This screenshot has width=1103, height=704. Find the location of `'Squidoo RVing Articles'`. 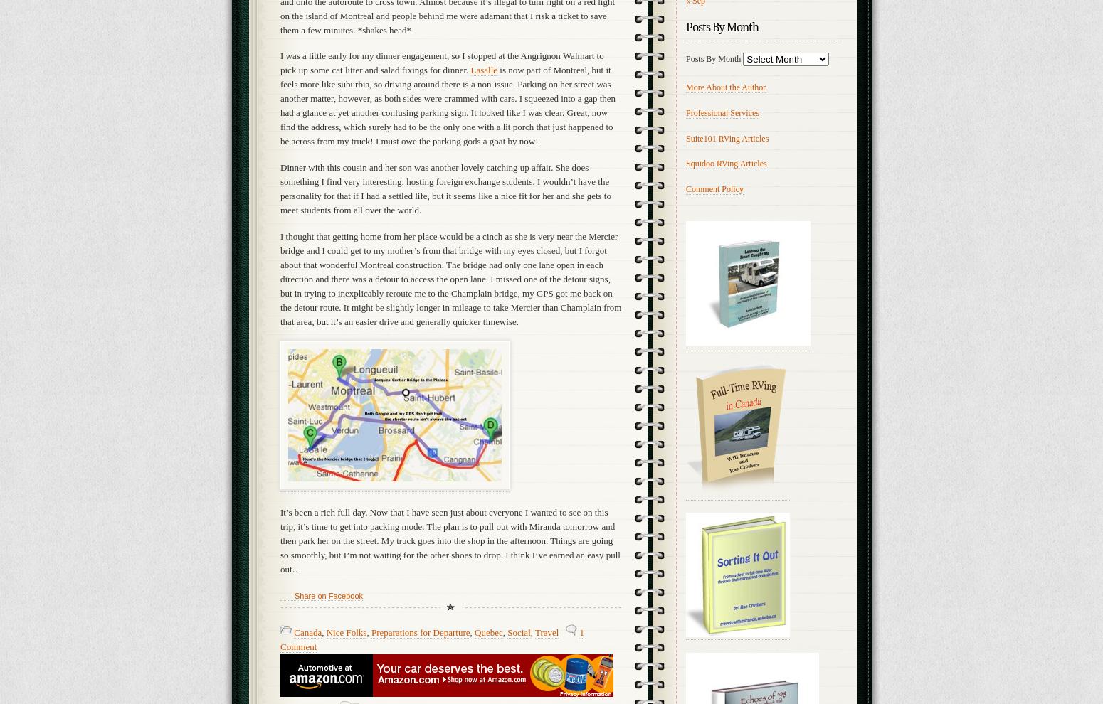

'Squidoo RVing Articles' is located at coordinates (726, 162).